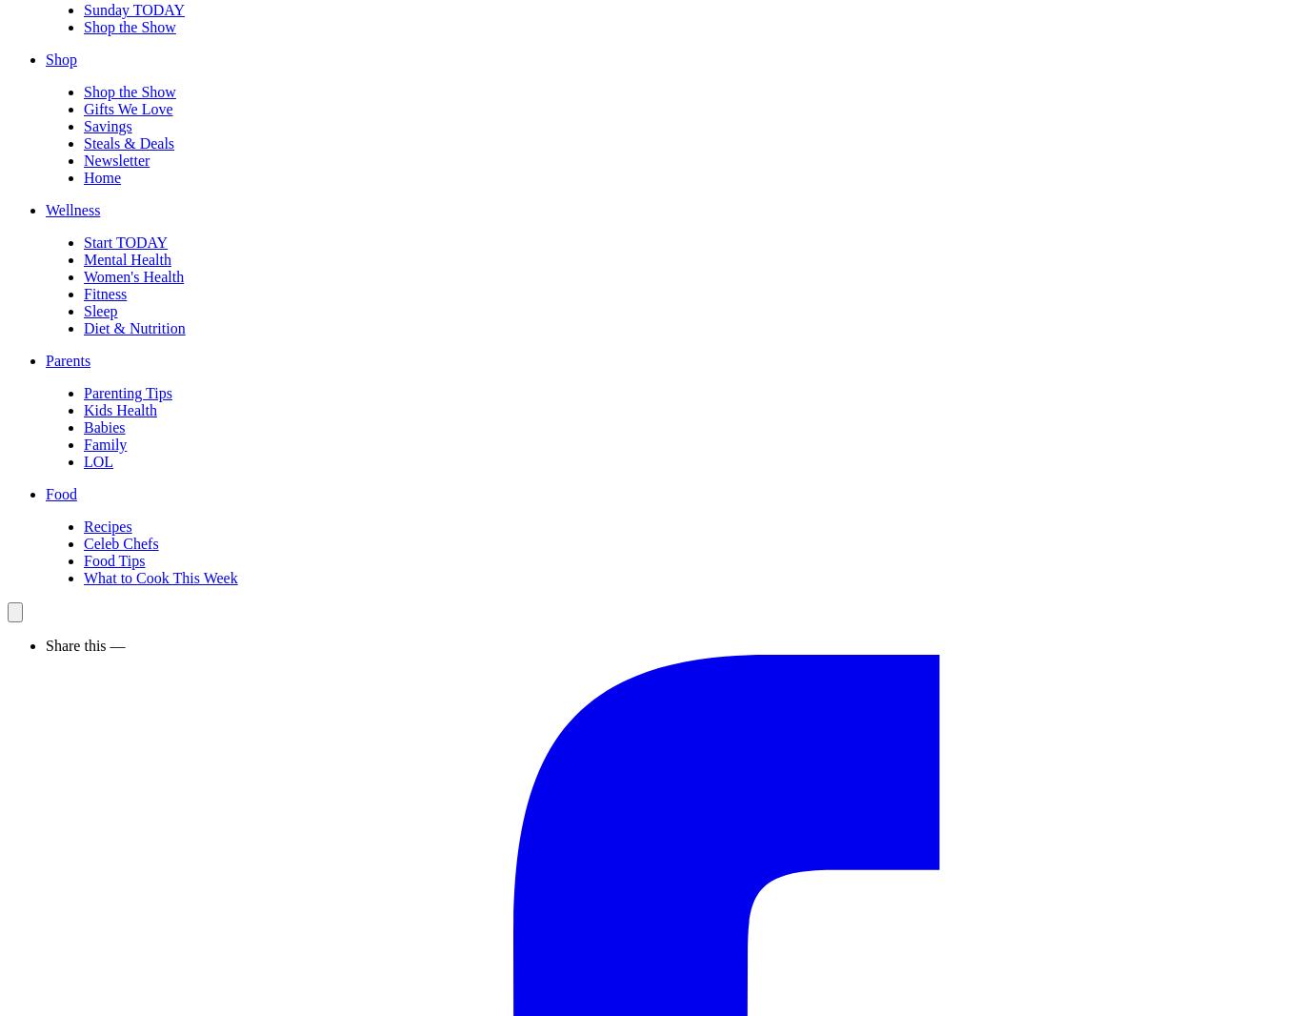  What do you see at coordinates (83, 410) in the screenshot?
I see `'Kids Health'` at bounding box center [83, 410].